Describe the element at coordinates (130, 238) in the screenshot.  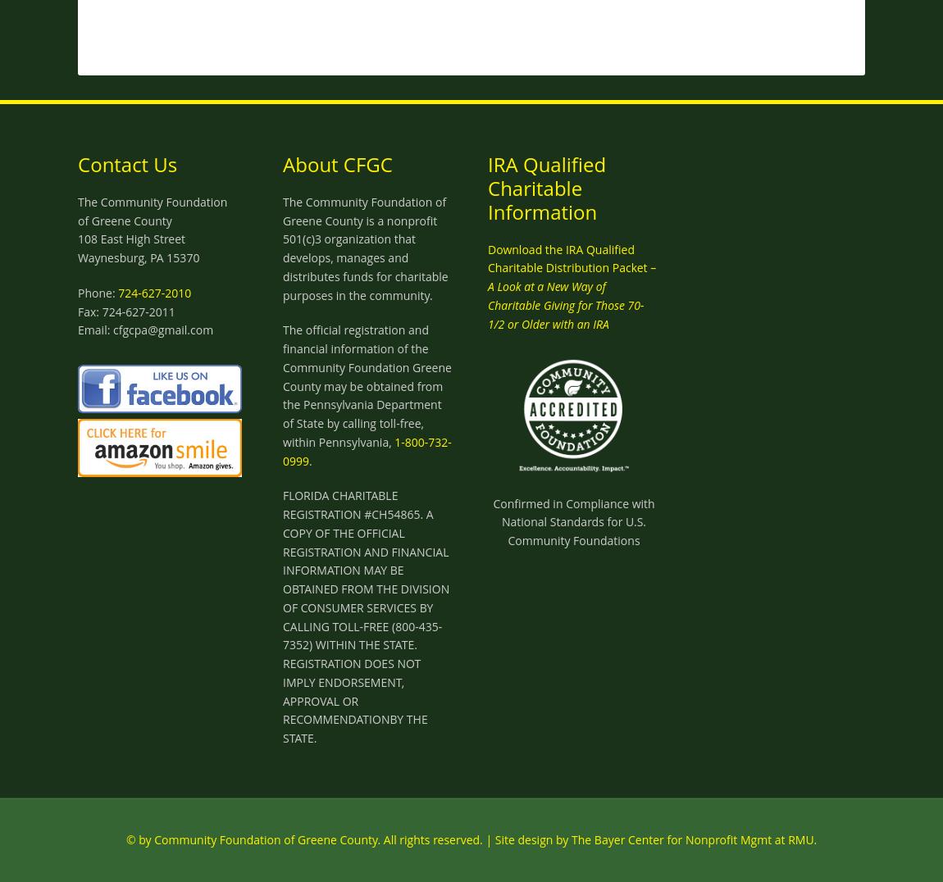
I see `'108 East High Street'` at that location.